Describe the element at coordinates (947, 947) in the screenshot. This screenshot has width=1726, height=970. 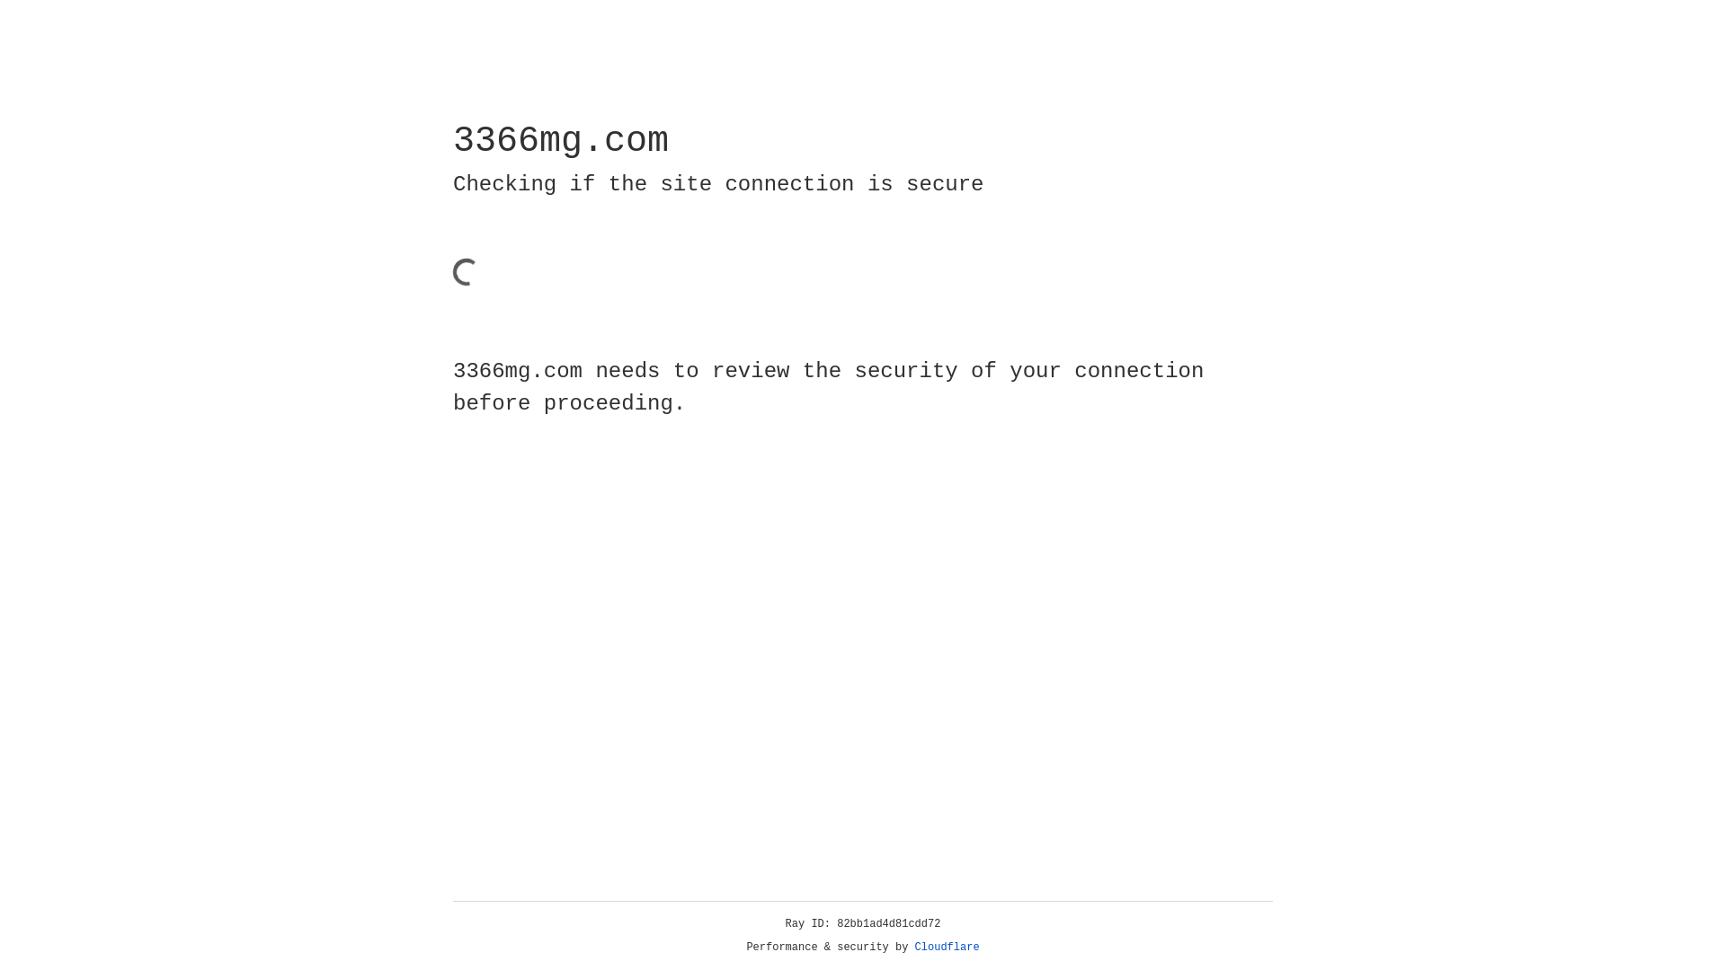
I see `'Cloudflare'` at that location.